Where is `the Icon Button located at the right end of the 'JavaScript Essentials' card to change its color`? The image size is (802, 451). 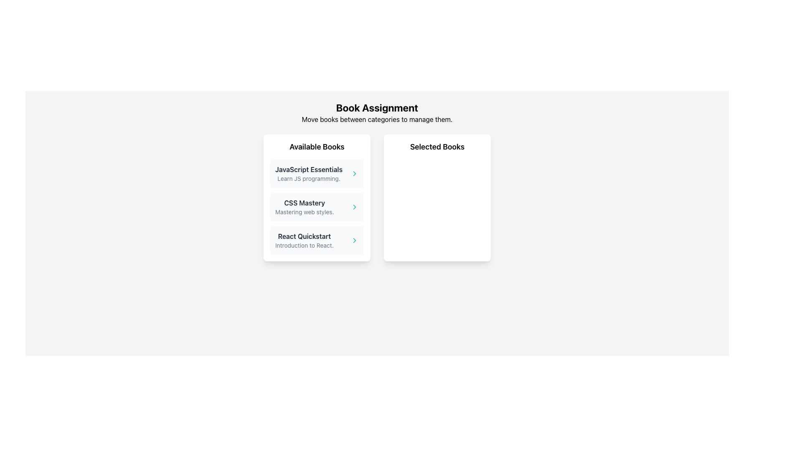
the Icon Button located at the right end of the 'JavaScript Essentials' card to change its color is located at coordinates (355, 173).